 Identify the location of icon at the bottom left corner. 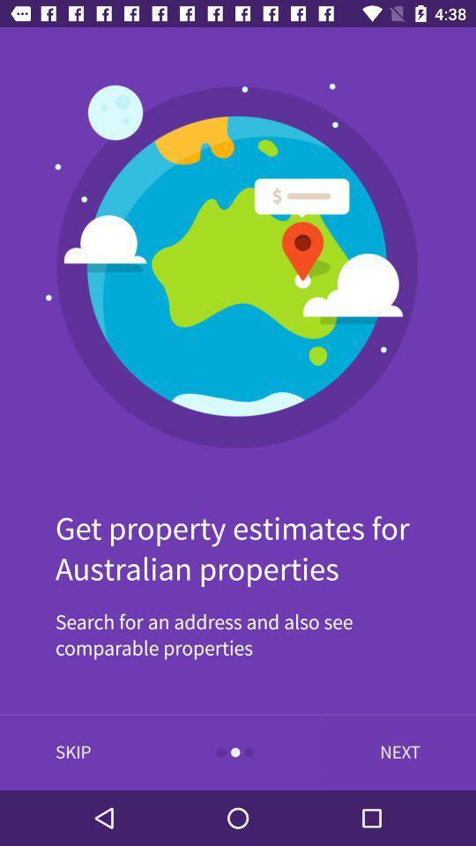
(72, 752).